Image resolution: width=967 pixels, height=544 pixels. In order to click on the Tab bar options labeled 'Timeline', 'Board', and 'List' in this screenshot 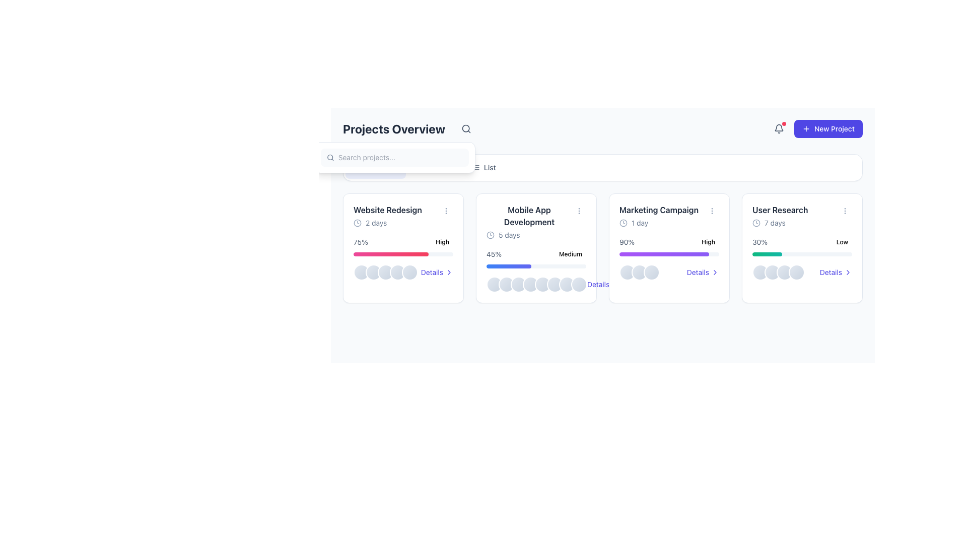, I will do `click(602, 167)`.